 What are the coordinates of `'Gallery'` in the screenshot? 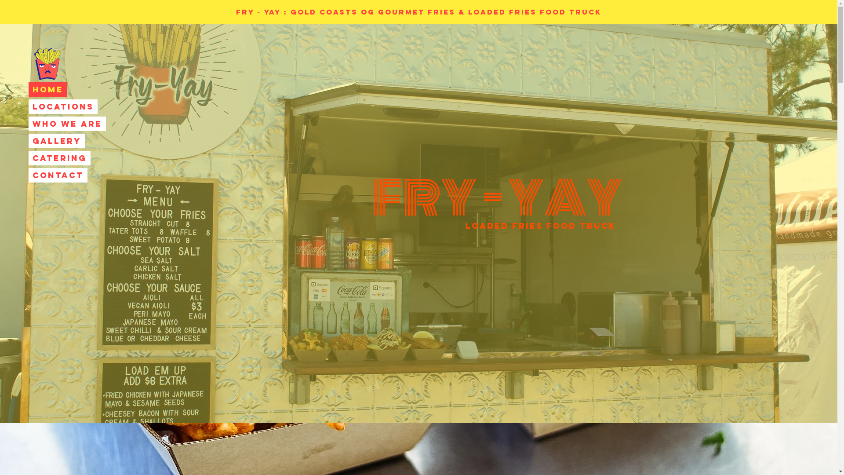 It's located at (56, 140).